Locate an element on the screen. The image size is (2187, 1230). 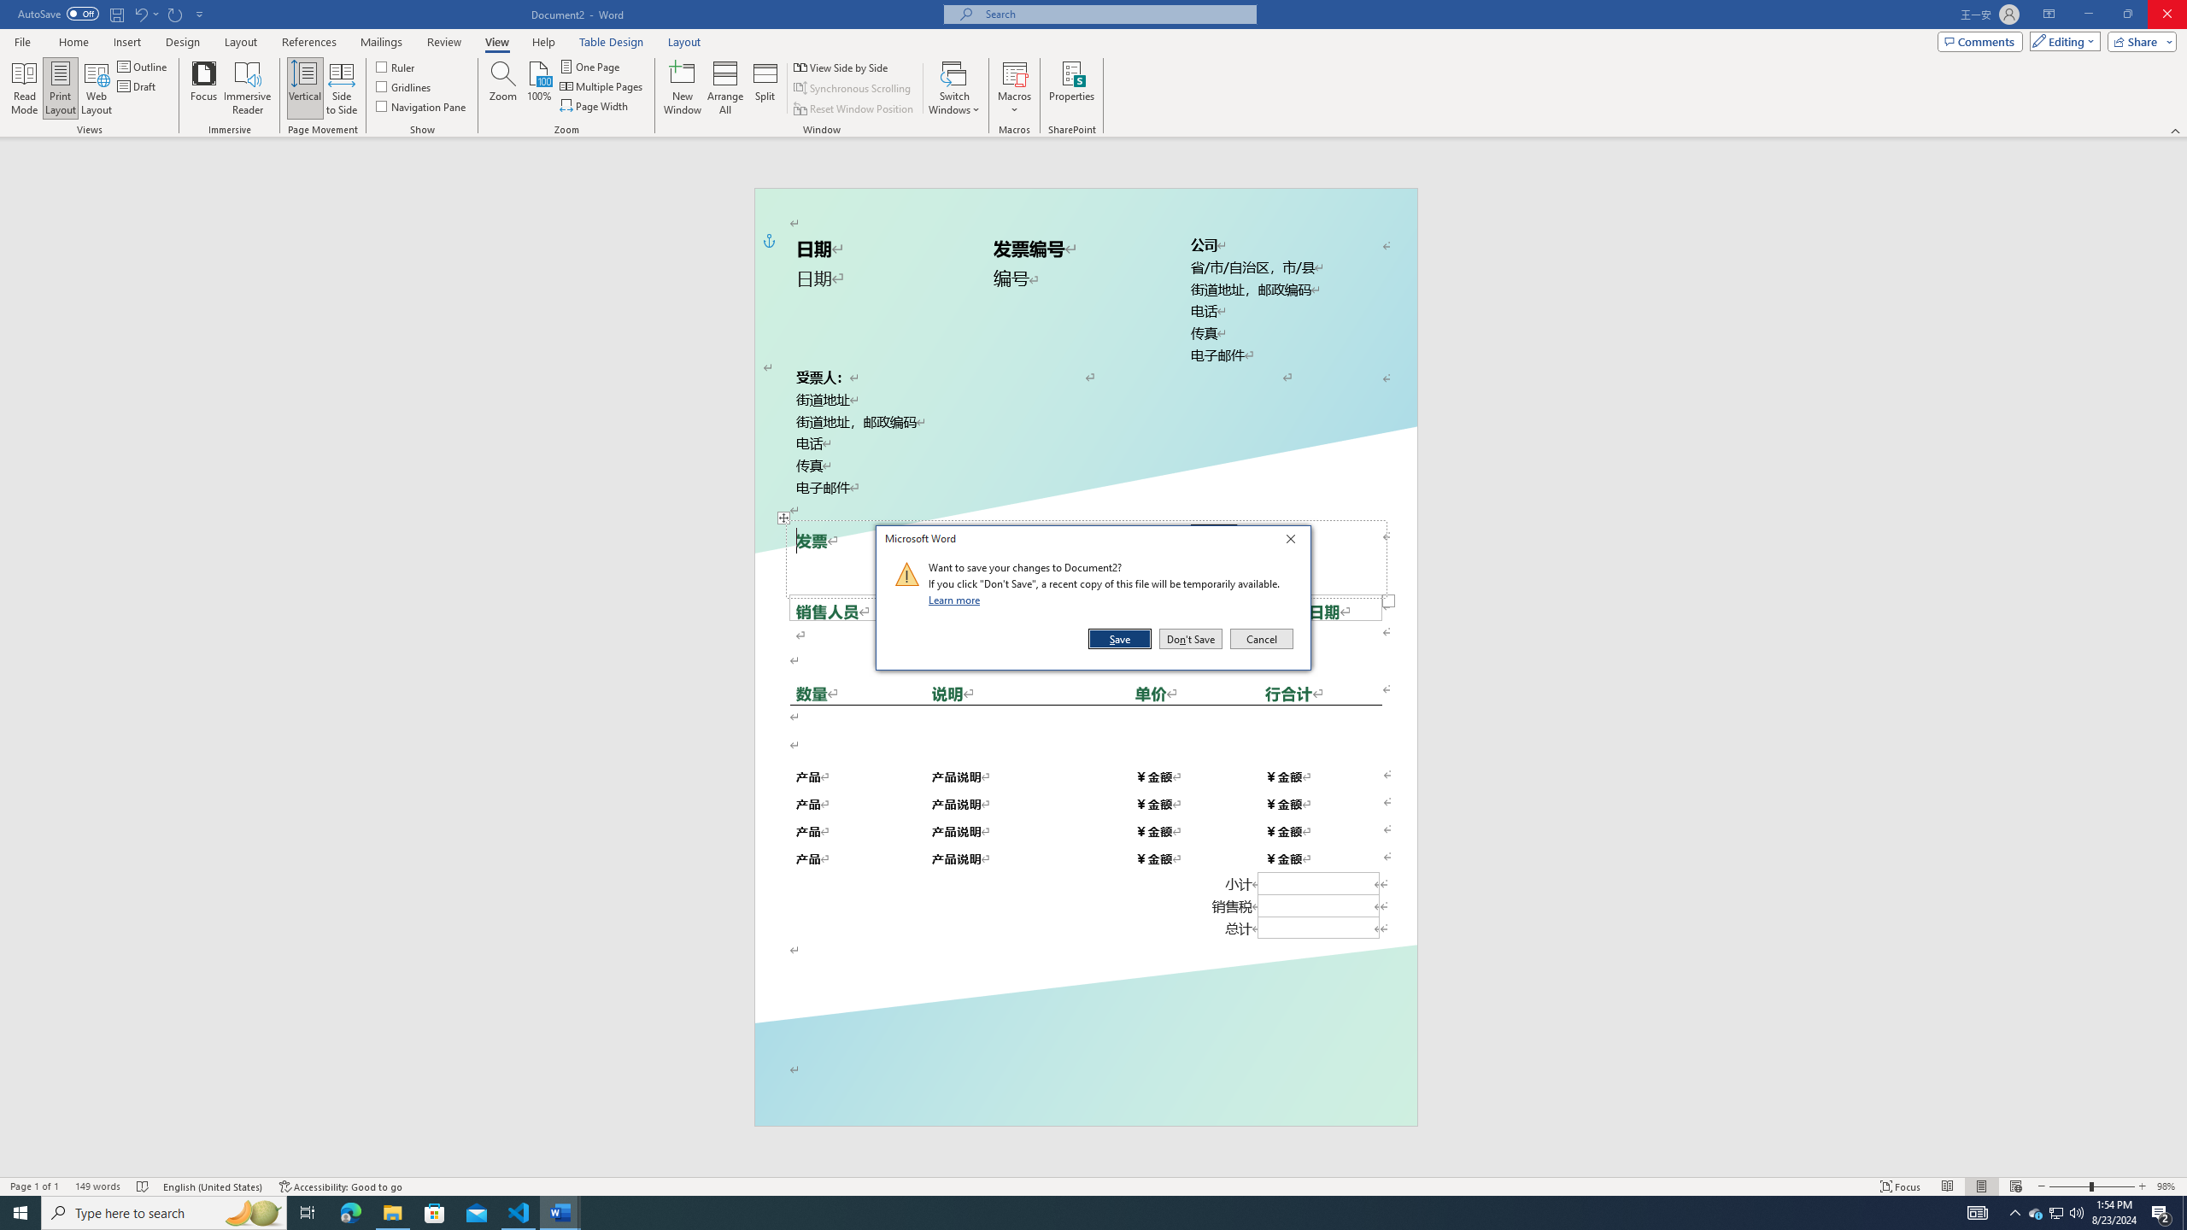
'Microsoft Edge' is located at coordinates (349, 1211).